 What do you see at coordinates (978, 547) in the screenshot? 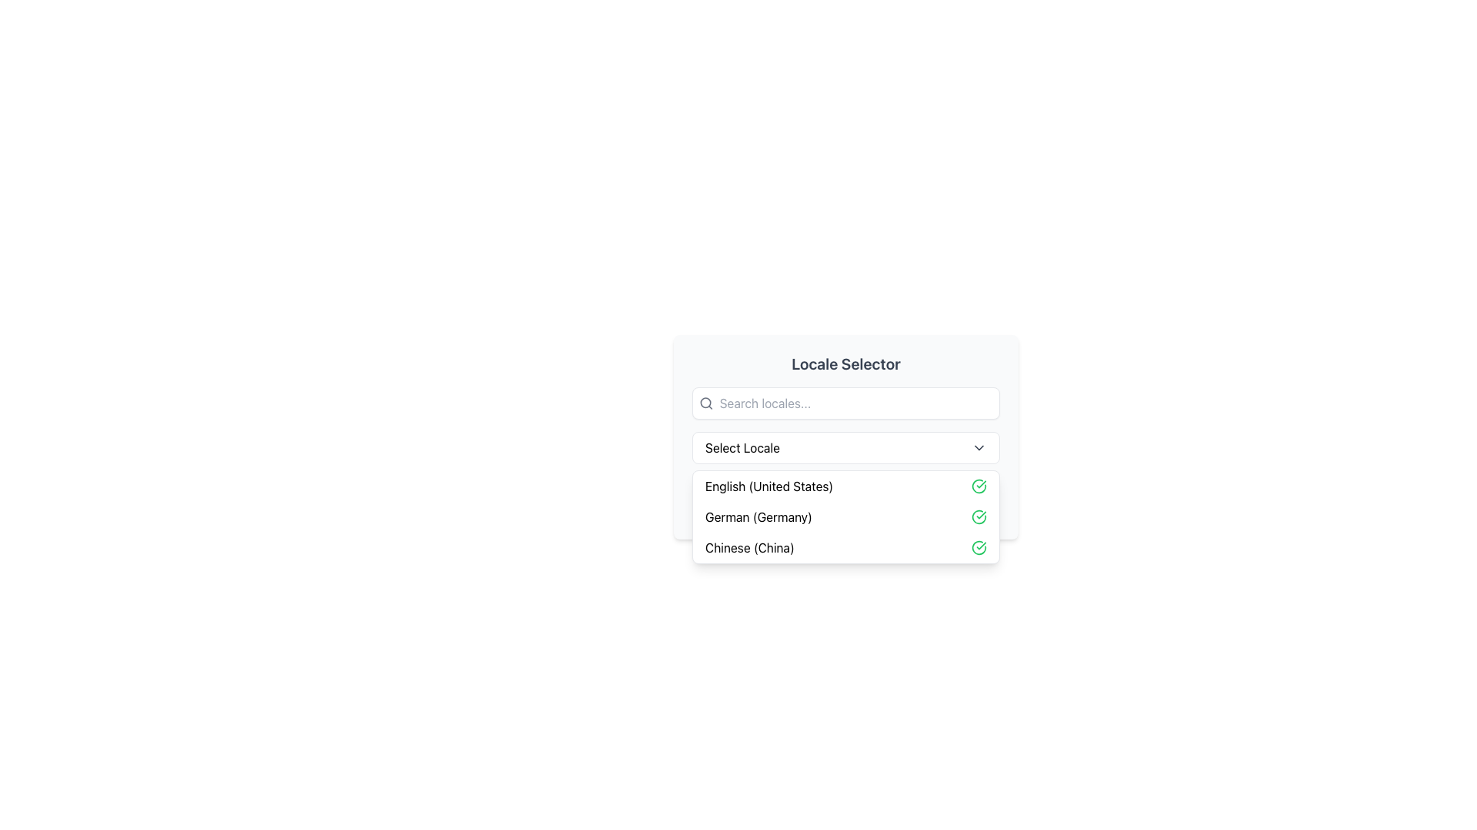
I see `the circular green icon with a checkmark next to the text 'Chinese (China)' in the list of languages` at bounding box center [978, 547].